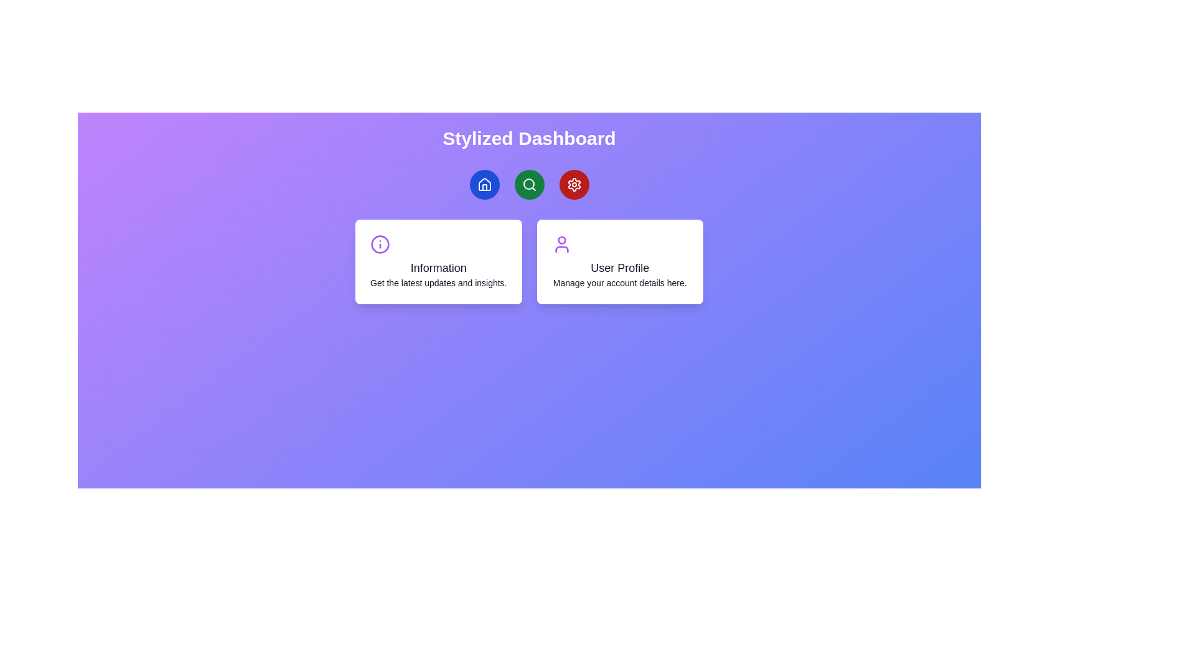 This screenshot has width=1195, height=672. Describe the element at coordinates (620, 283) in the screenshot. I see `the text label displaying 'Manage your account details here.' located beneath the 'User Profile' header in the card layout` at that location.